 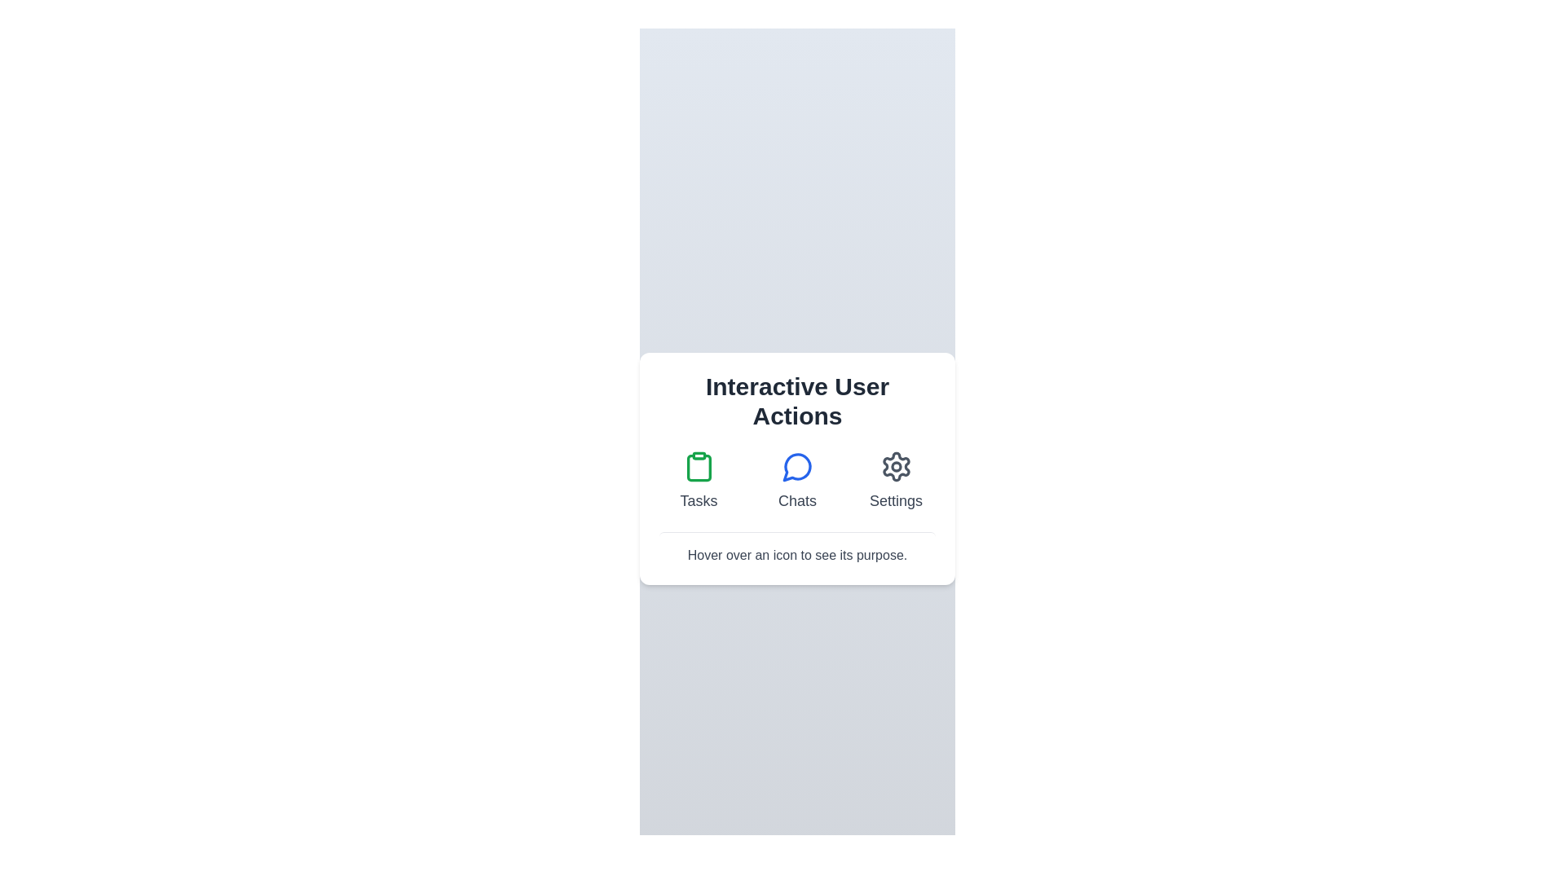 What do you see at coordinates (797, 499) in the screenshot?
I see `the 'Chats' text label, which is styled in a medium-sized gray font and appears below a blue speech bubble icon in the 'Interactive User Actions' section` at bounding box center [797, 499].